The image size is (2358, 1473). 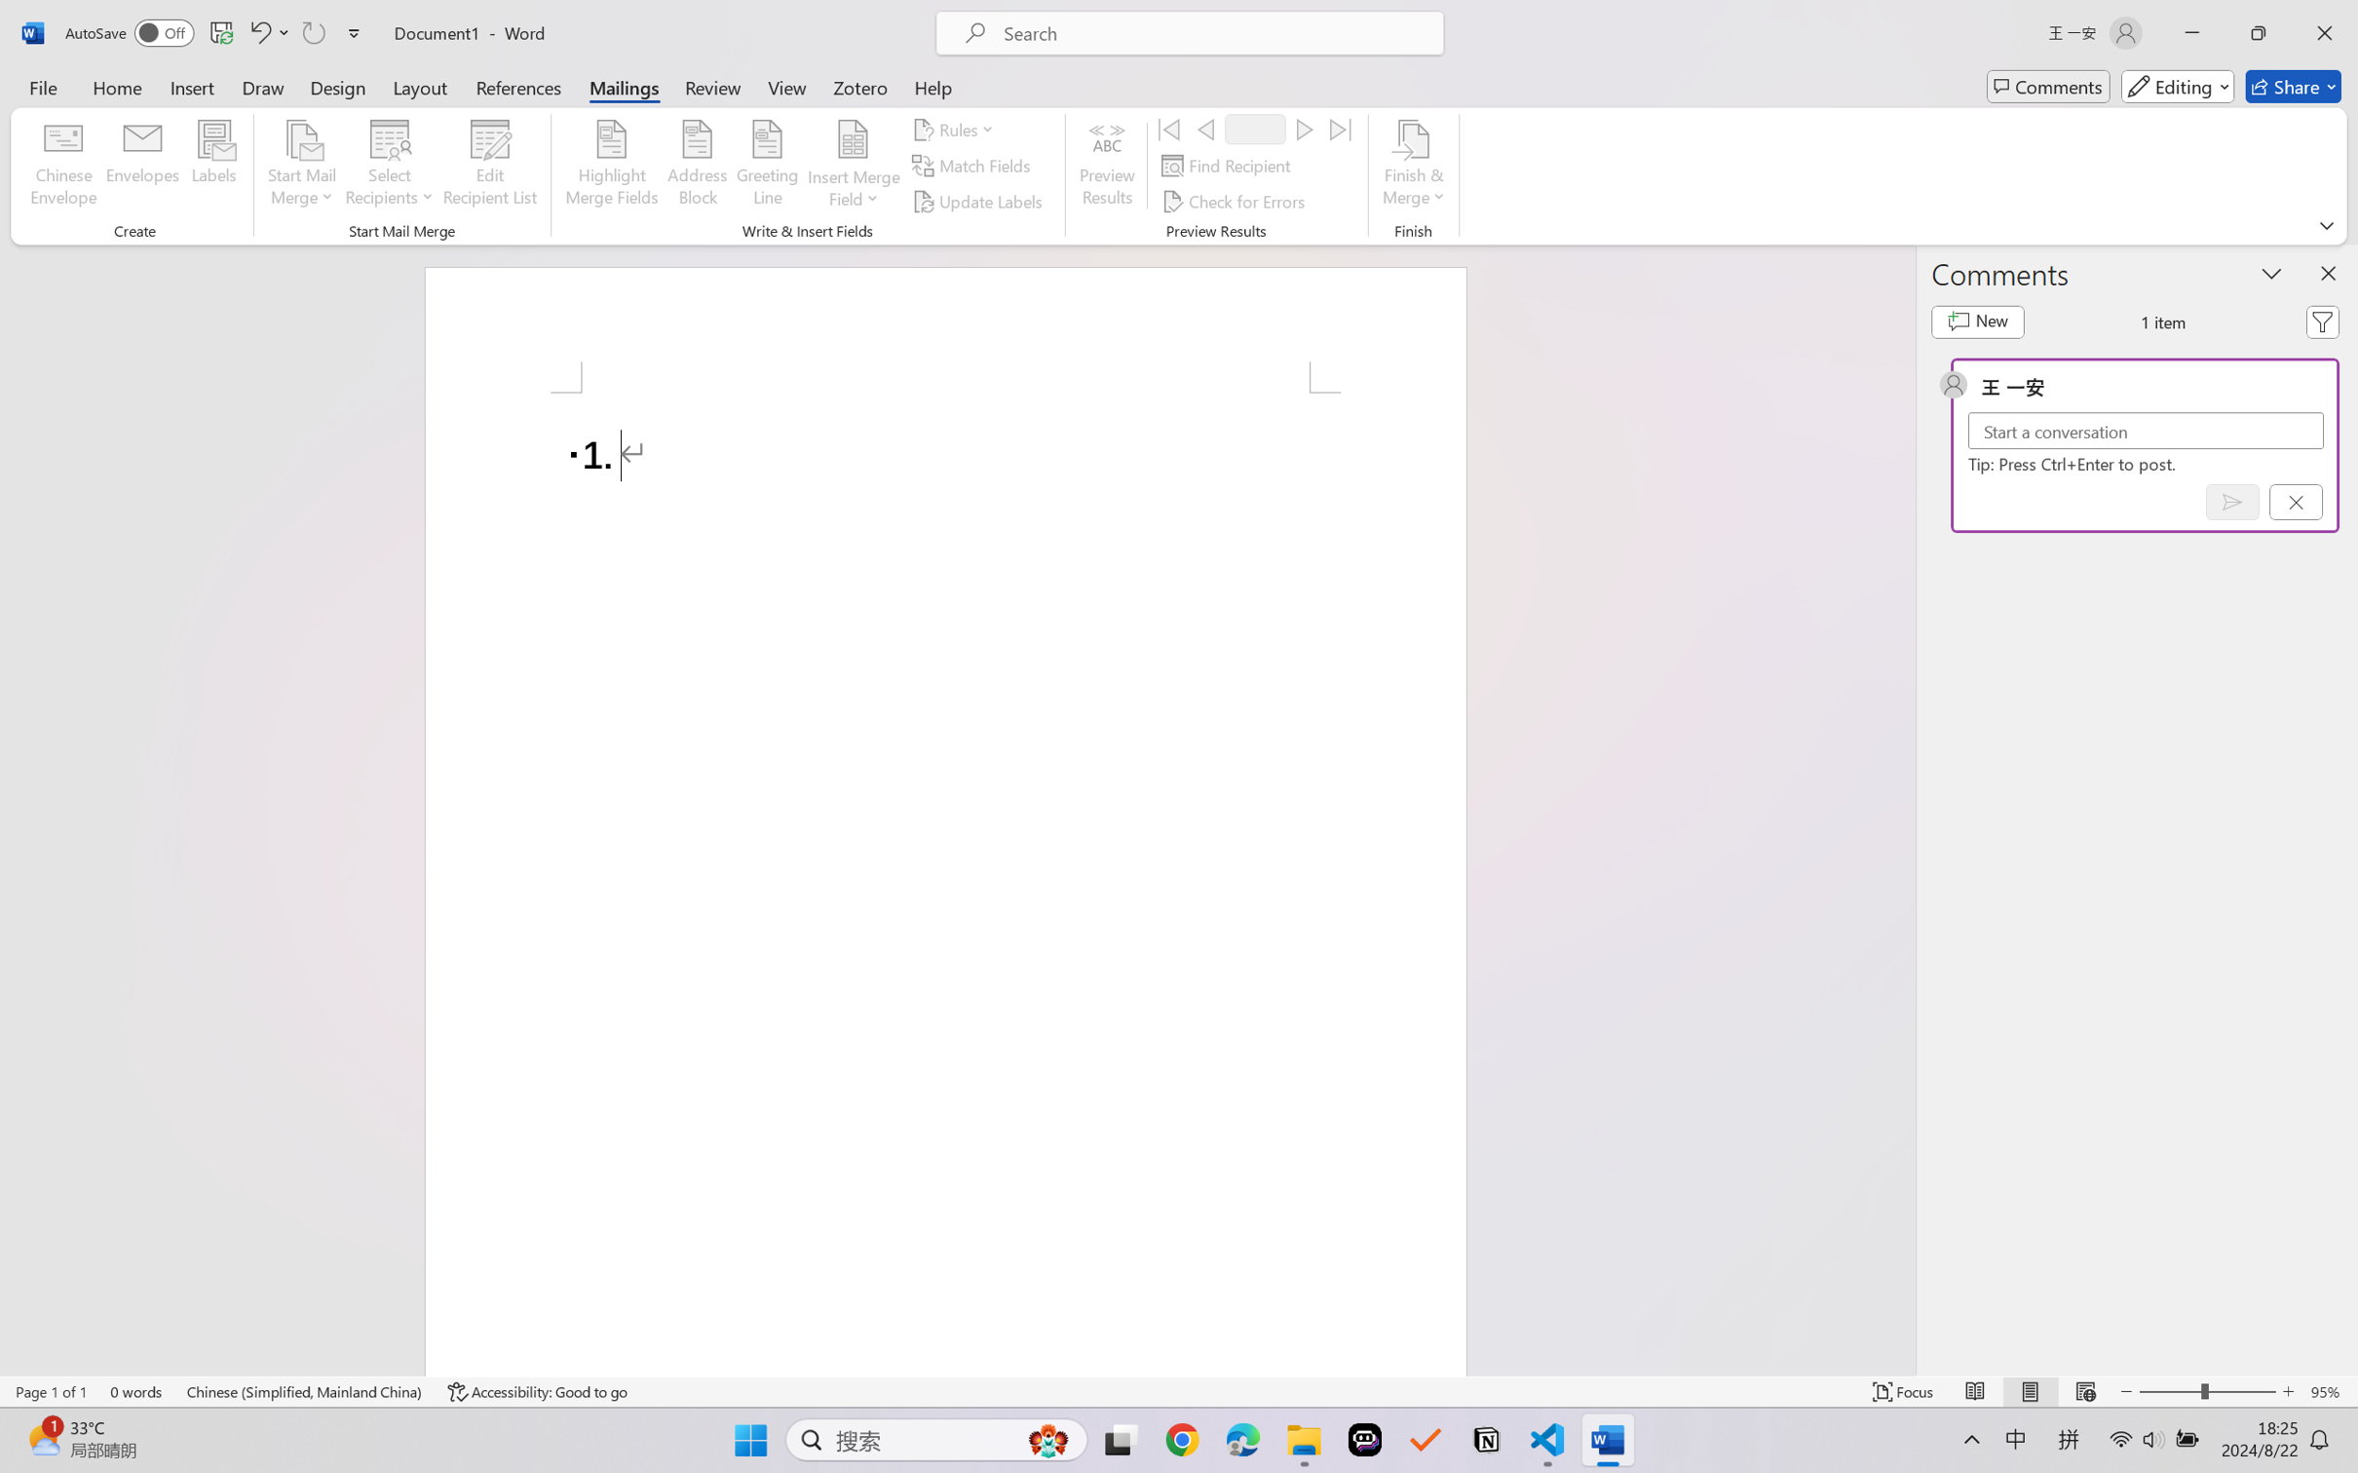 I want to click on 'Update Labels', so click(x=978, y=202).